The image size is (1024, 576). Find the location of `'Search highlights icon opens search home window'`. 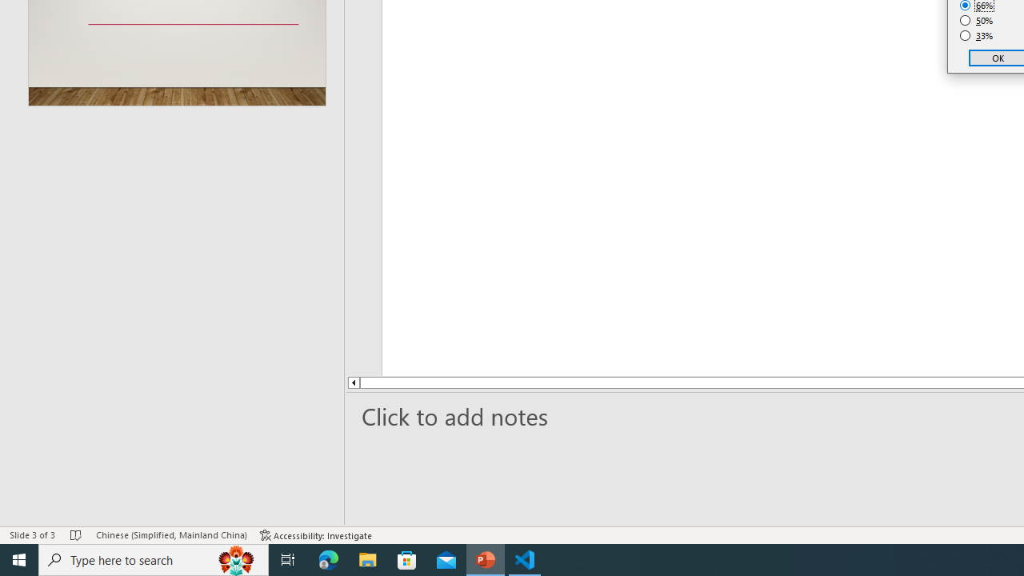

'Search highlights icon opens search home window' is located at coordinates (235, 558).